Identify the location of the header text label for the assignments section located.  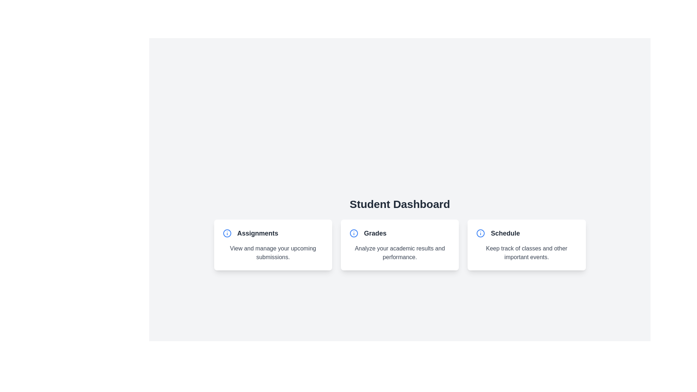
(258, 233).